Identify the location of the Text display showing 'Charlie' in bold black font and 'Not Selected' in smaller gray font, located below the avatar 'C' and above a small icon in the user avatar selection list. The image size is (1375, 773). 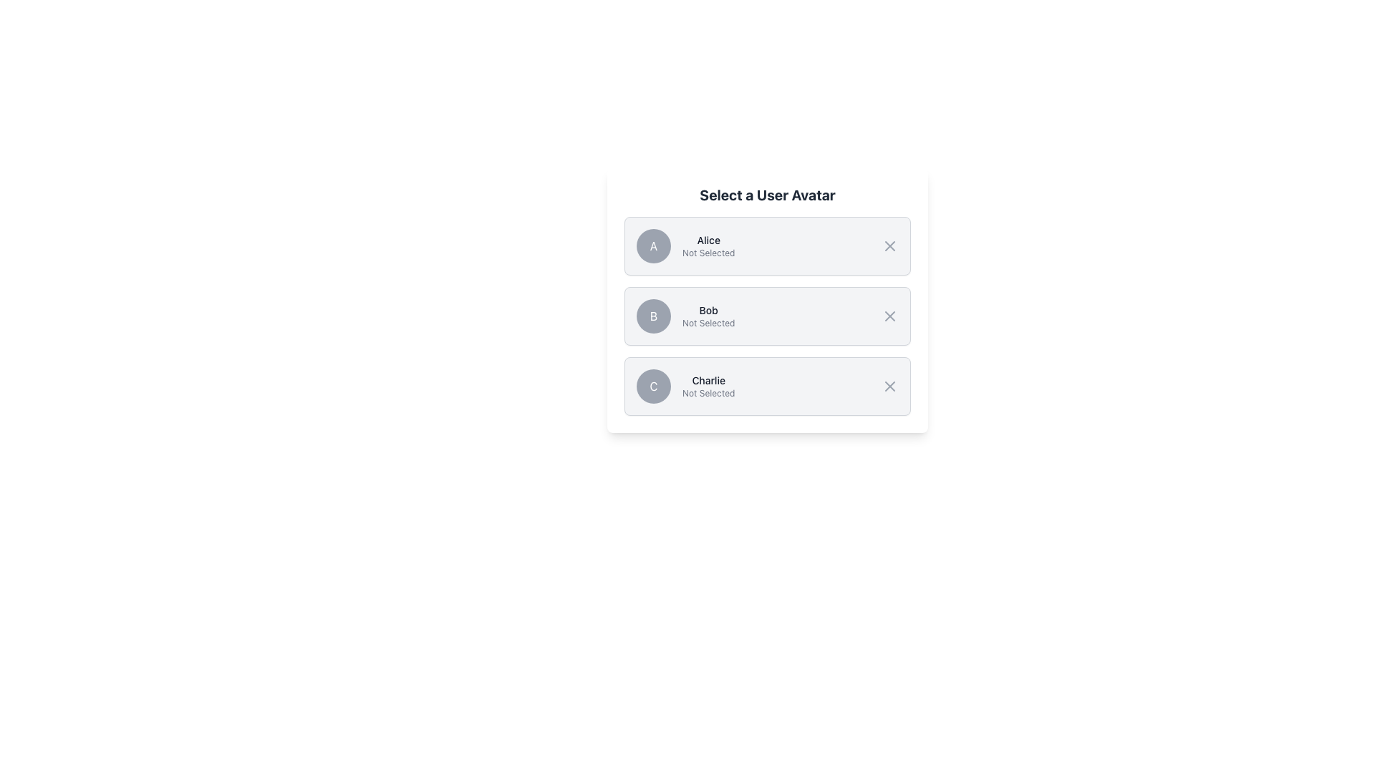
(708, 386).